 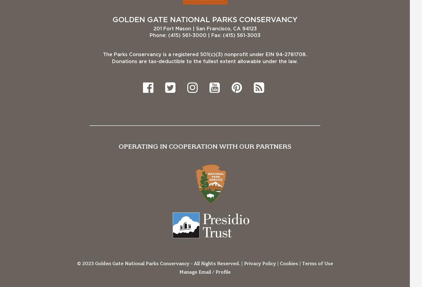 I want to click on '201 Fort Mason', so click(x=172, y=28).